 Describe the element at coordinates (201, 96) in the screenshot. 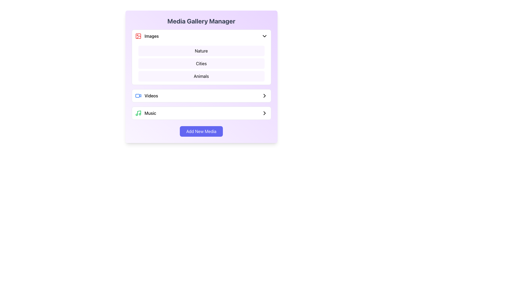

I see `the 'Videos' list item in the Media Gallery Manager` at that location.